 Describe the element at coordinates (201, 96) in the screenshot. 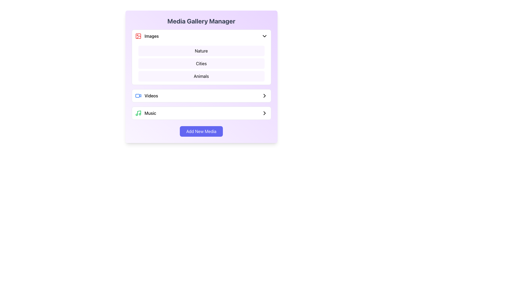

I see `the 'Videos' list item in the Media Gallery Manager` at that location.